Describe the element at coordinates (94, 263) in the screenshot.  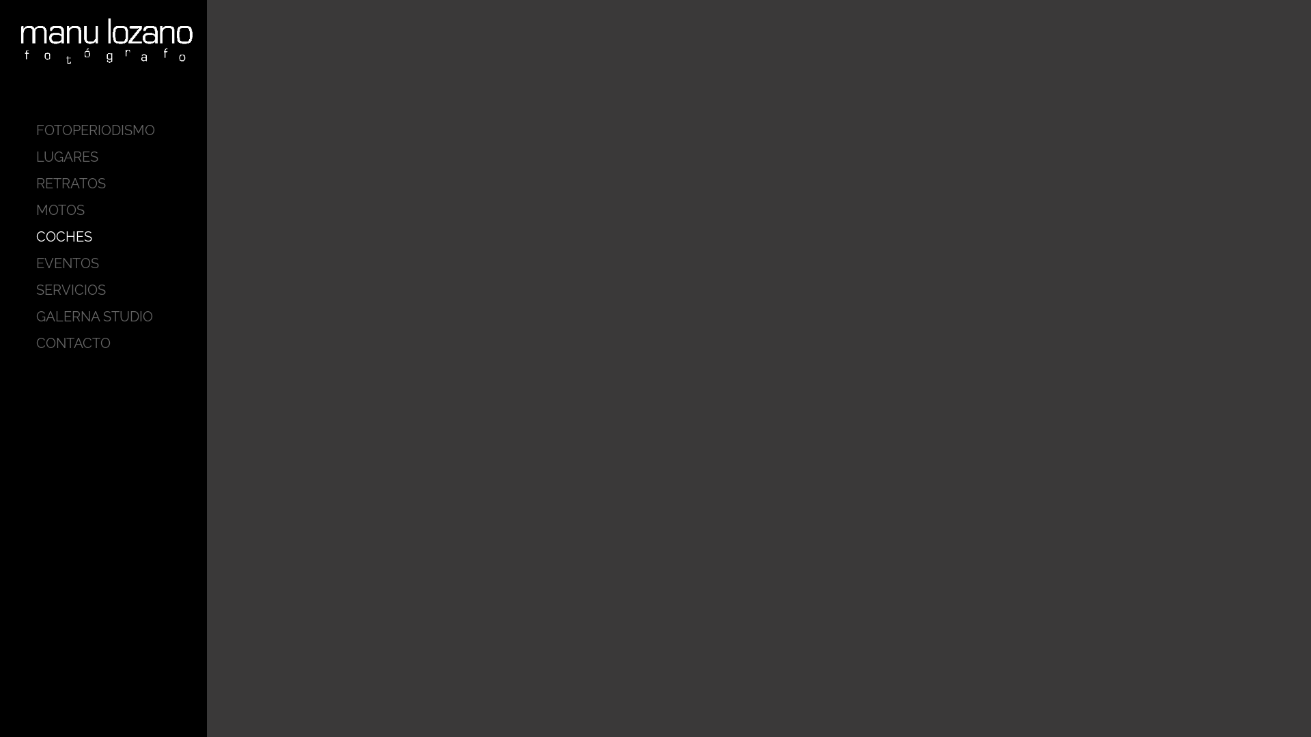
I see `'EVENTOS'` at that location.